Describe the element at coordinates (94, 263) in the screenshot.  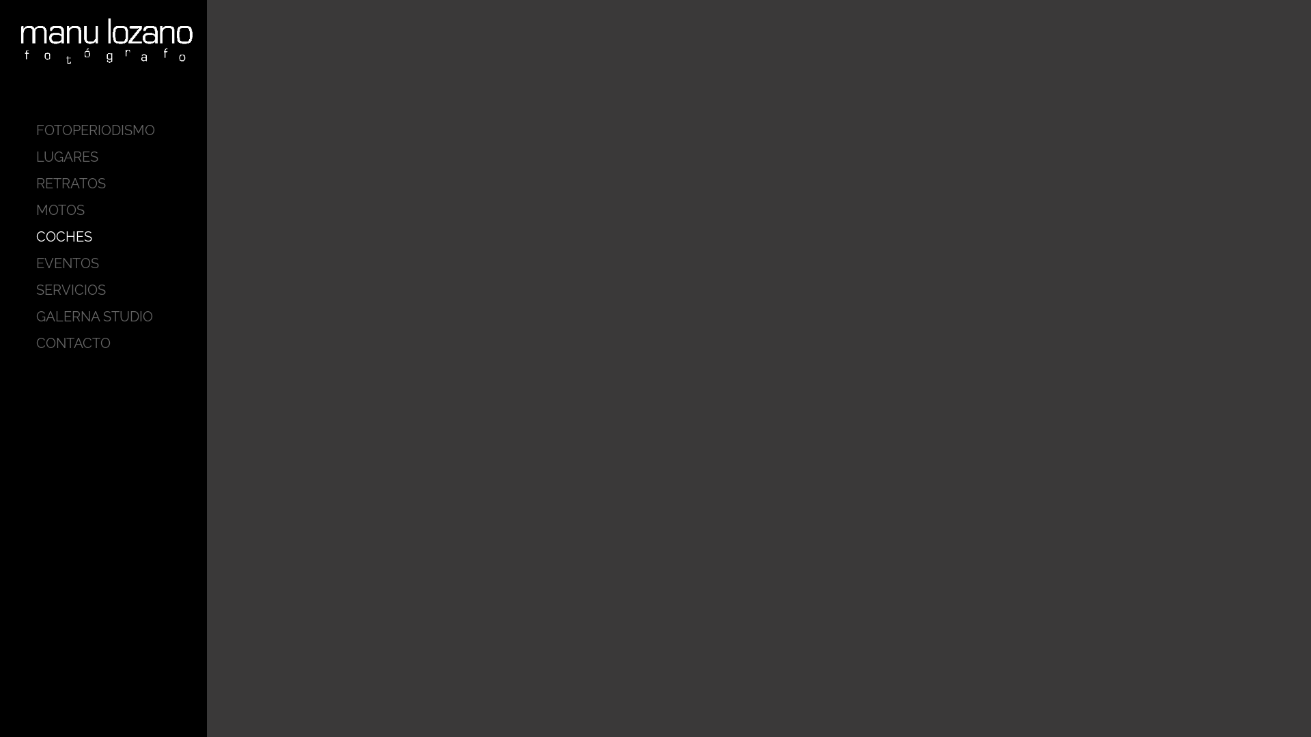
I see `'EVENTOS'` at that location.